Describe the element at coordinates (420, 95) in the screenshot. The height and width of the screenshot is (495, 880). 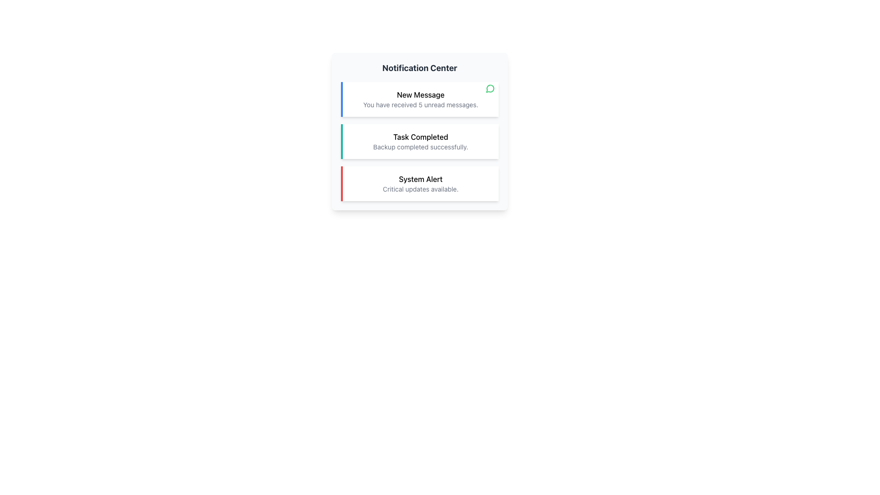
I see `informational text label that serves as a heading for the notification card, which is located at the top of the first notification card in the main interface` at that location.